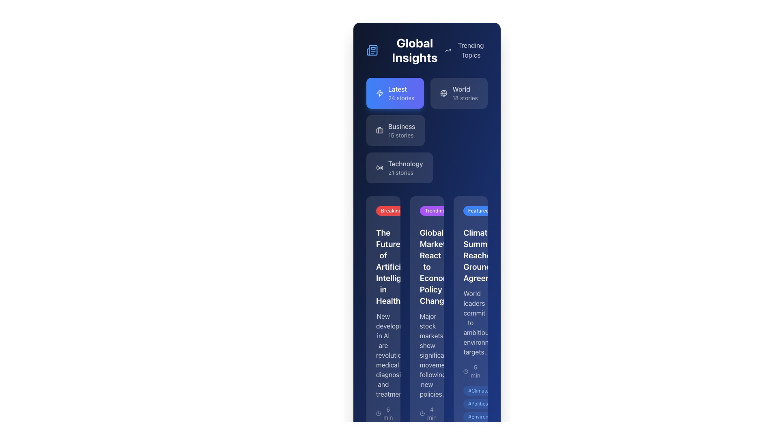 The height and width of the screenshot is (438, 779). What do you see at coordinates (478, 391) in the screenshot?
I see `the tag element indicating climate topics, which is located at the top of a vertical stack of tags aligned to the right side of the content column` at bounding box center [478, 391].